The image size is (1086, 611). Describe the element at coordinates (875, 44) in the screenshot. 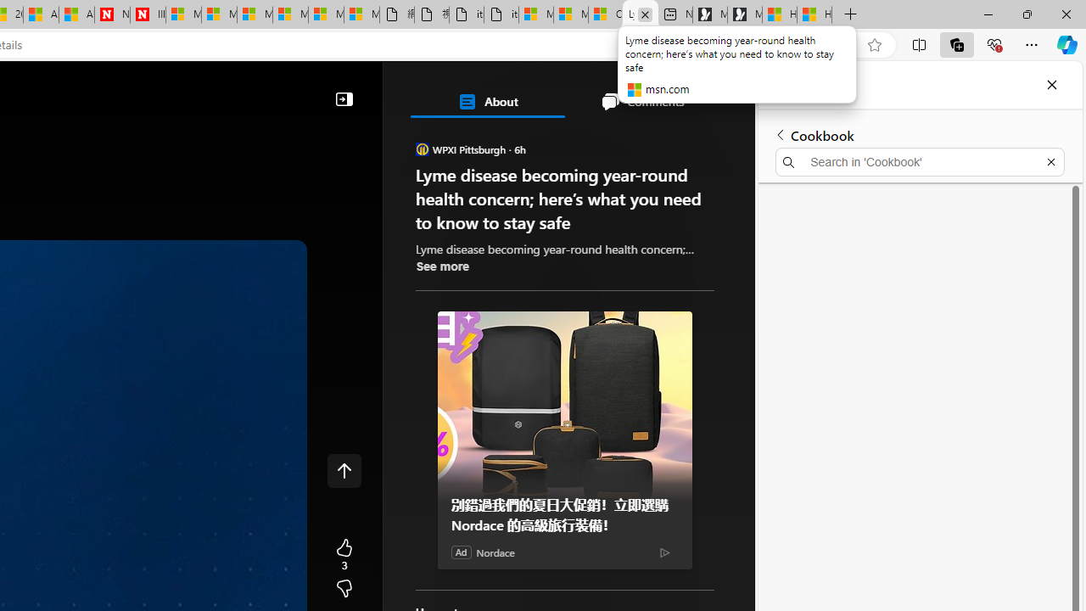

I see `'Add this page to favorites (Ctrl+D)'` at that location.